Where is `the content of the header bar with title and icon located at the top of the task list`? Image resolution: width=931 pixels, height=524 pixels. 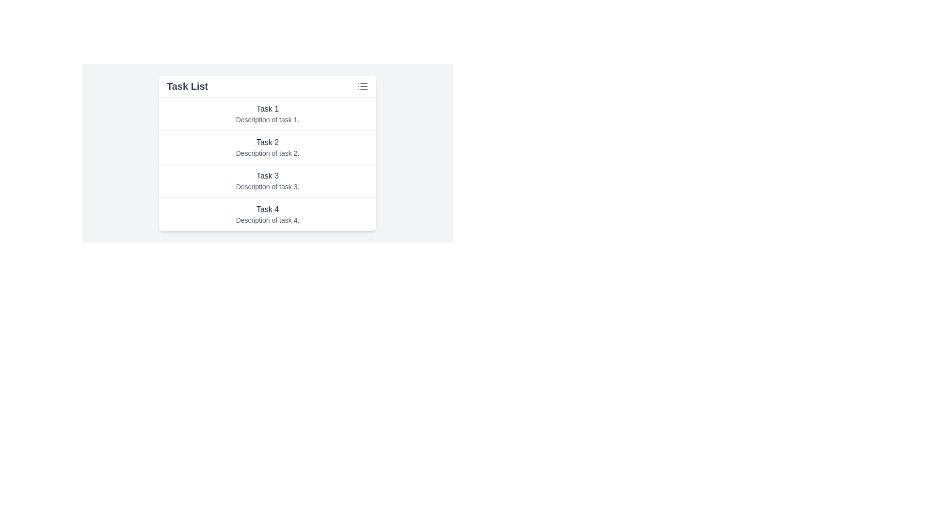 the content of the header bar with title and icon located at the top of the task list is located at coordinates (268, 86).